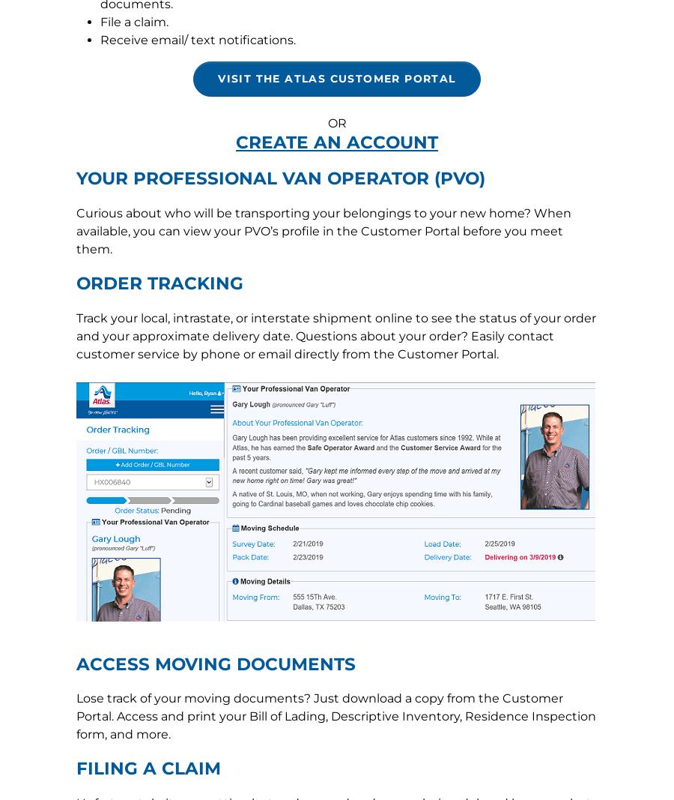 This screenshot has height=800, width=674. I want to click on 'Exercise Your Rights', so click(197, 368).